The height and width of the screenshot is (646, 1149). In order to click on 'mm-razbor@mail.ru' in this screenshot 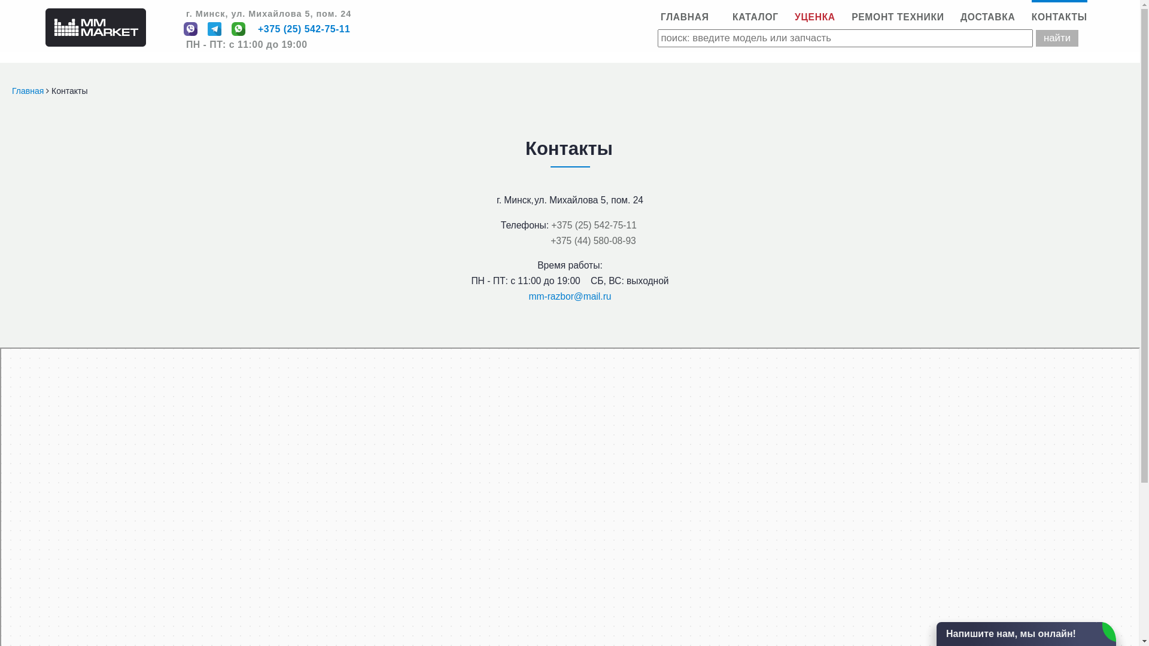, I will do `click(570, 296)`.